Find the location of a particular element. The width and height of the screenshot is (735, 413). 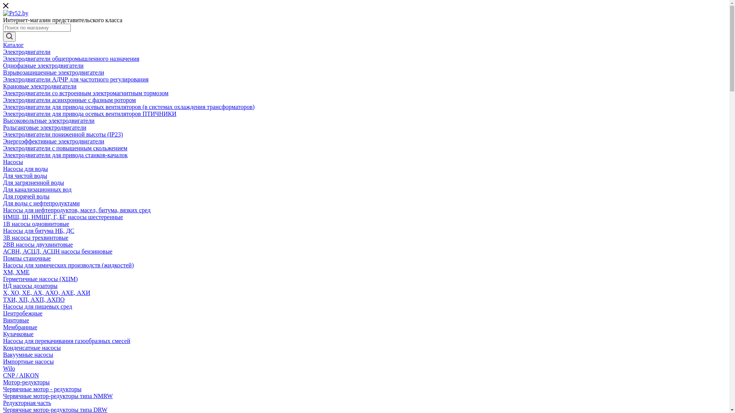

'Wilo' is located at coordinates (9, 368).